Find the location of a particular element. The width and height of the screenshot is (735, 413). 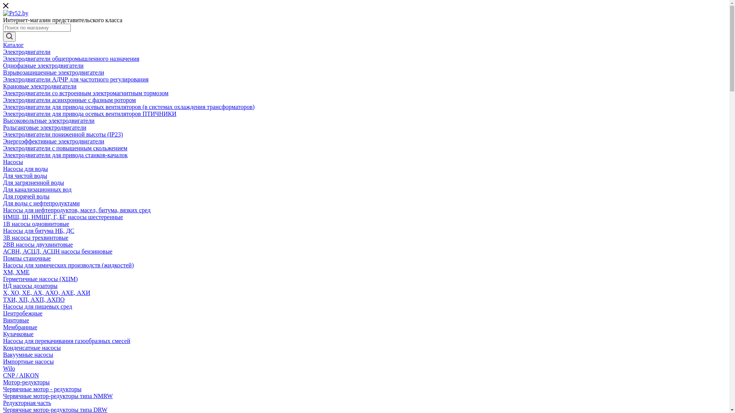

'Wilo' is located at coordinates (9, 368).